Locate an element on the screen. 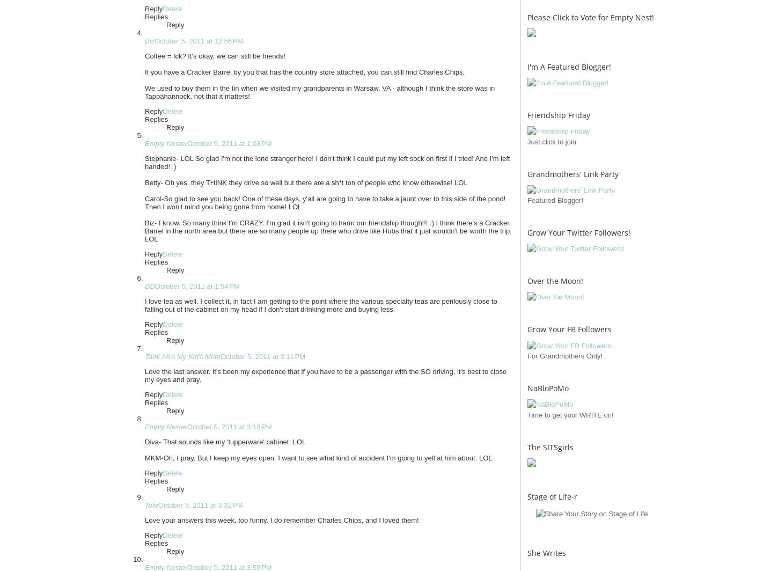  'Please Click to Vote for Empty Nest!' is located at coordinates (590, 17).